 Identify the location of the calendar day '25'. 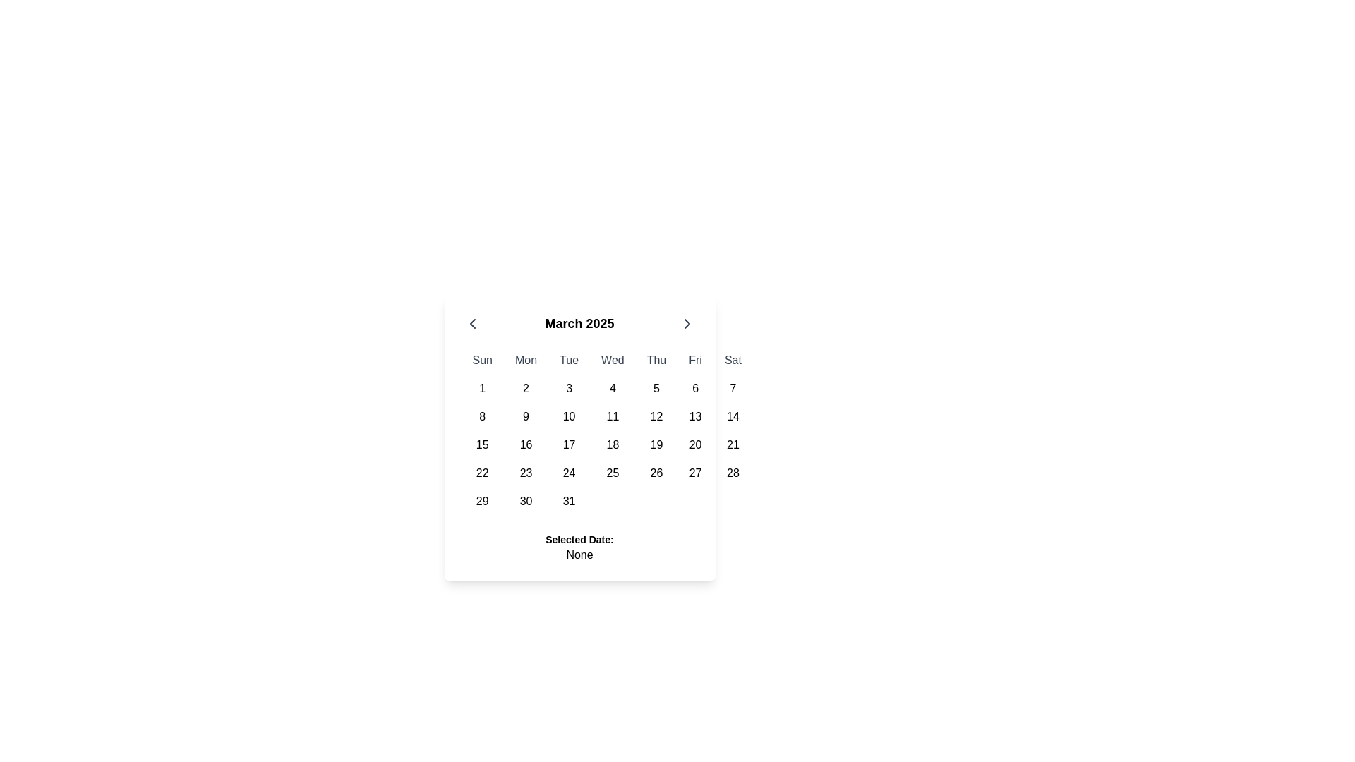
(607, 473).